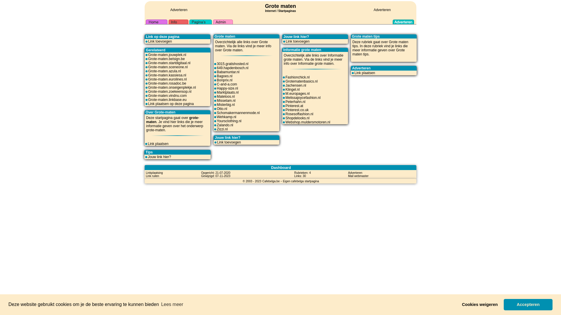 The height and width of the screenshot is (315, 561). Describe the element at coordinates (167, 95) in the screenshot. I see `'Grote-maten.vindnu.com'` at that location.